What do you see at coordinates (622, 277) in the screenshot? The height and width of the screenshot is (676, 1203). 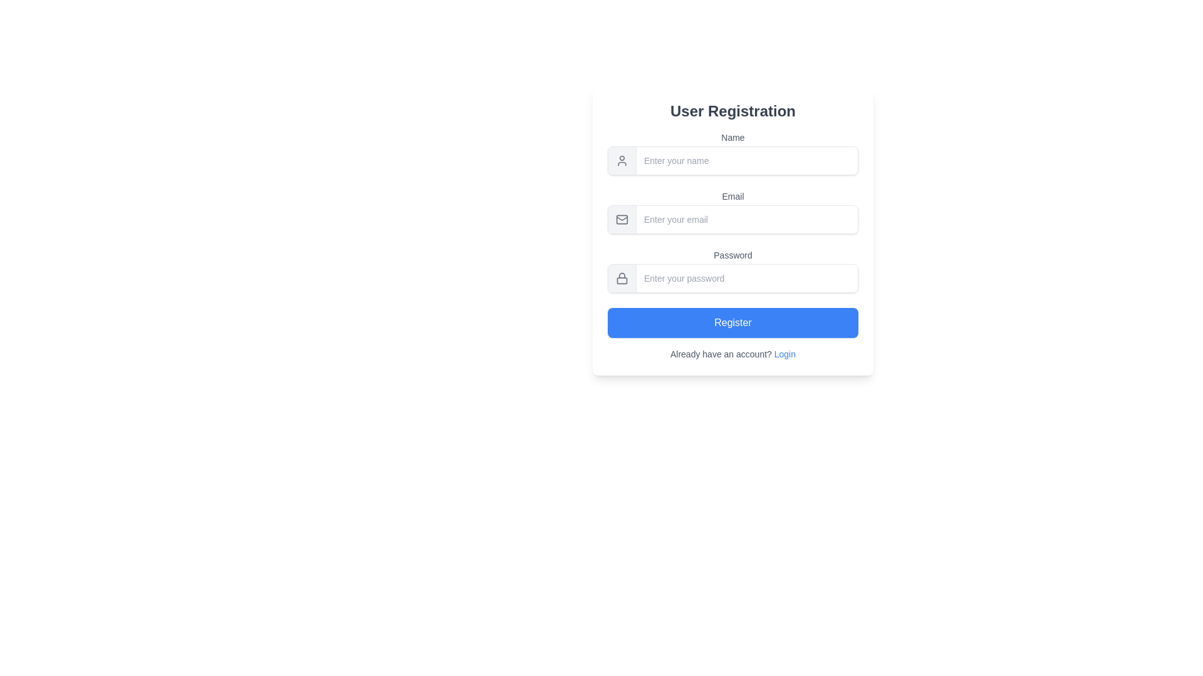 I see `the lock icon styled with a gray color and rounded edges, which indicates security or password input, positioned within the password input field adjacent to it` at bounding box center [622, 277].